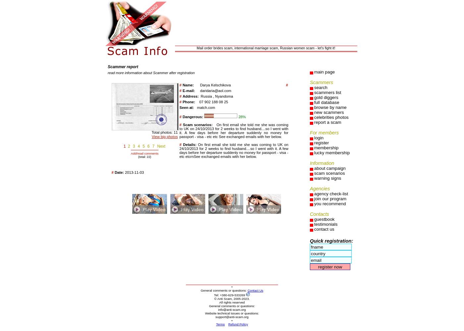 This screenshot has height=331, width=464. Describe the element at coordinates (232, 313) in the screenshot. I see `'Website technical issues or questions:'` at that location.